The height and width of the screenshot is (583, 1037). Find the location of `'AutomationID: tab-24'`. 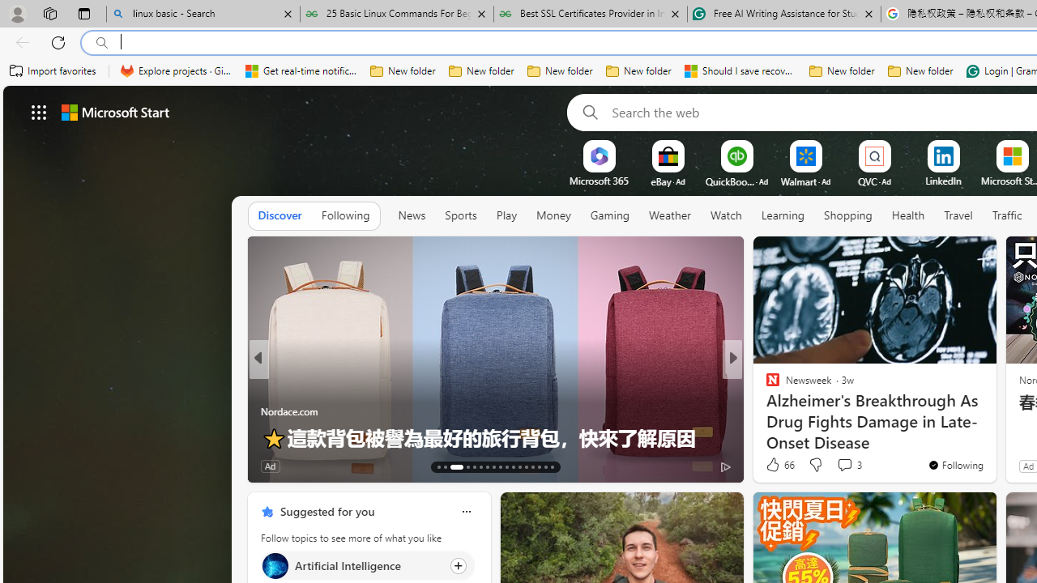

'AutomationID: tab-24' is located at coordinates (519, 467).